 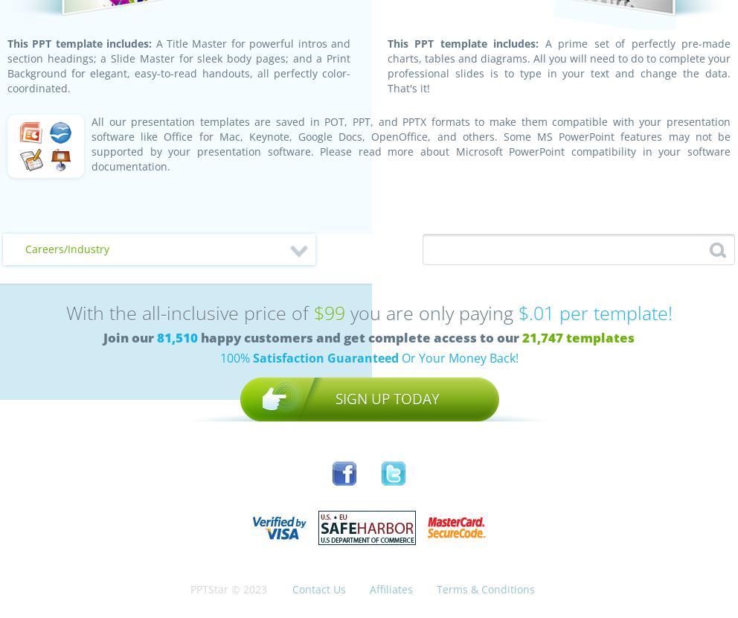 I want to click on 'you are only paying', so click(x=430, y=312).